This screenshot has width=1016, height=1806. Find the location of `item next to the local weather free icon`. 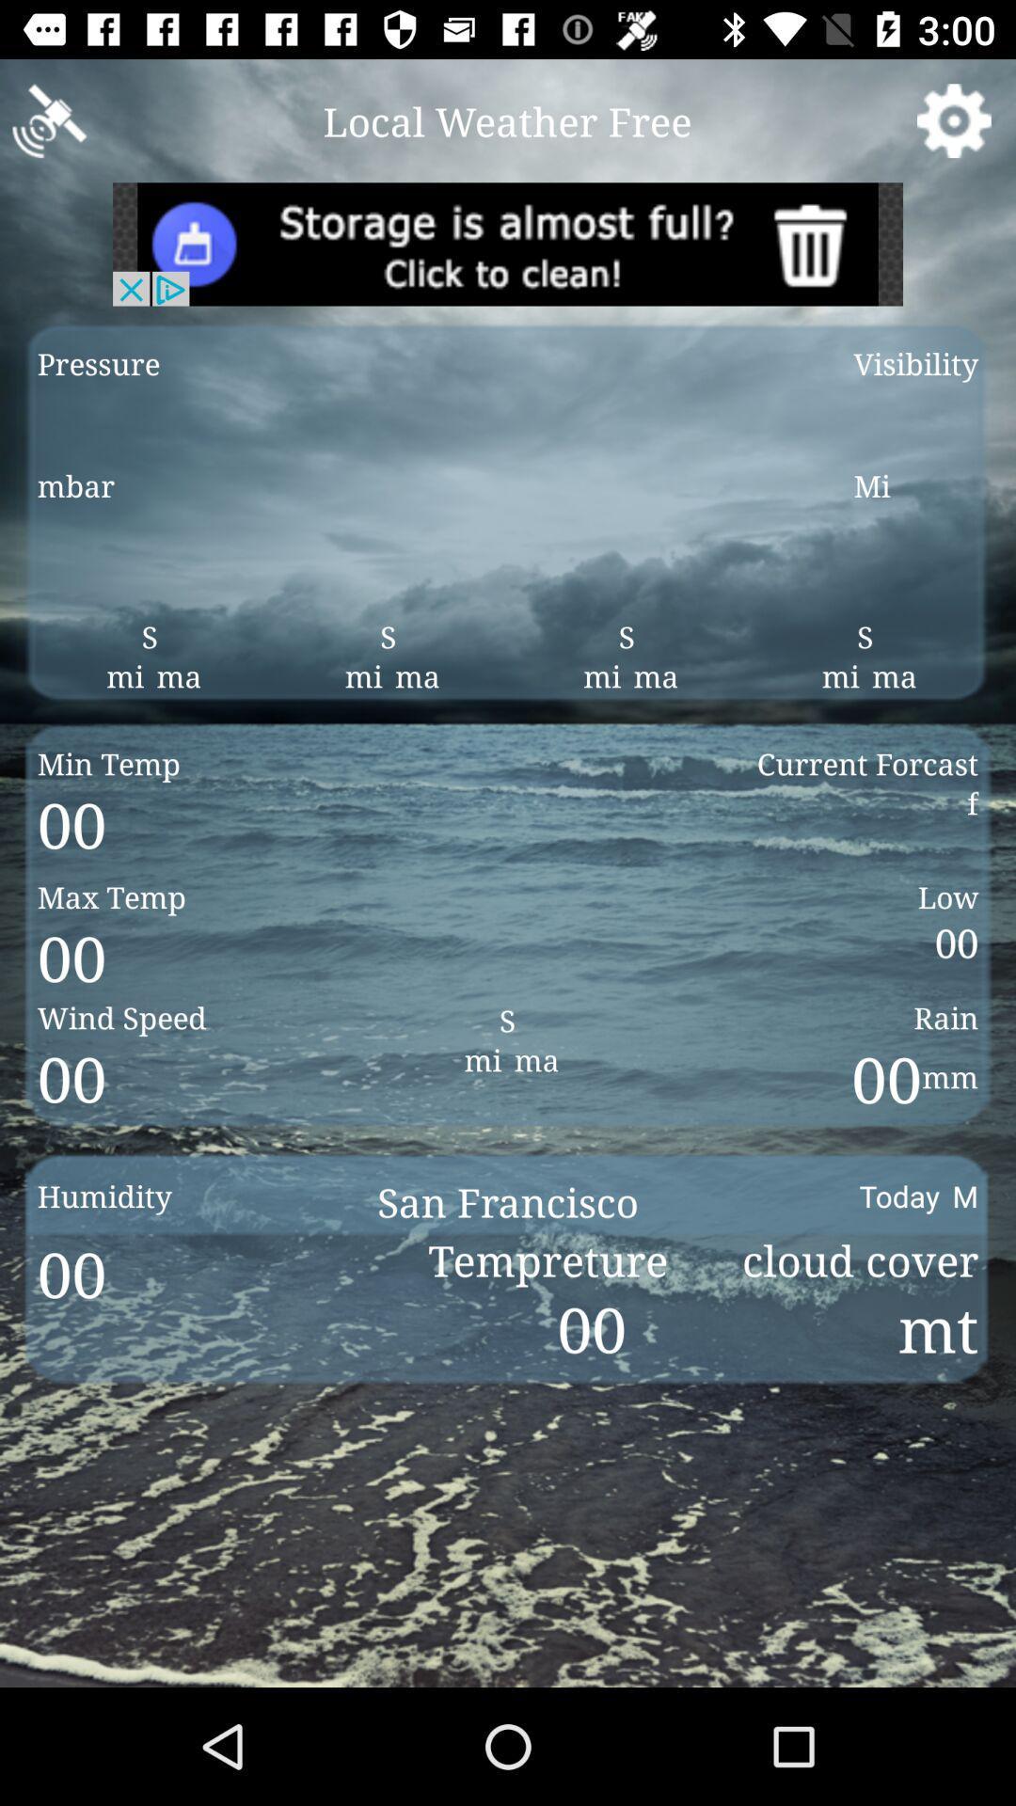

item next to the local weather free icon is located at coordinates (954, 119).